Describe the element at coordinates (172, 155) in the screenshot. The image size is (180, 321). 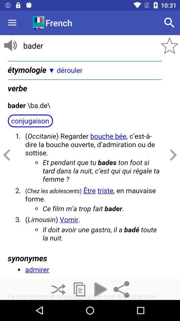
I see `next button` at that location.